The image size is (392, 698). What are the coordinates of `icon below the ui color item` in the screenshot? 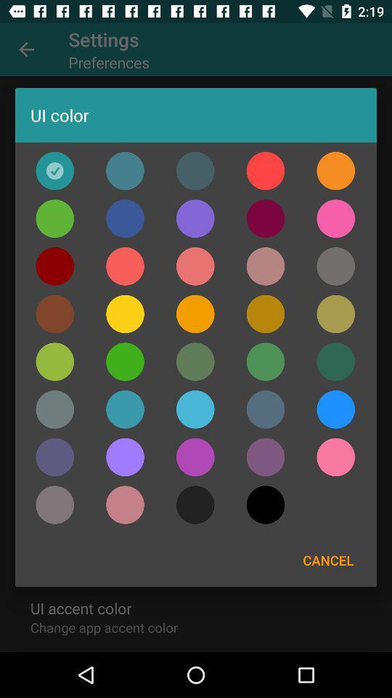 It's located at (125, 171).